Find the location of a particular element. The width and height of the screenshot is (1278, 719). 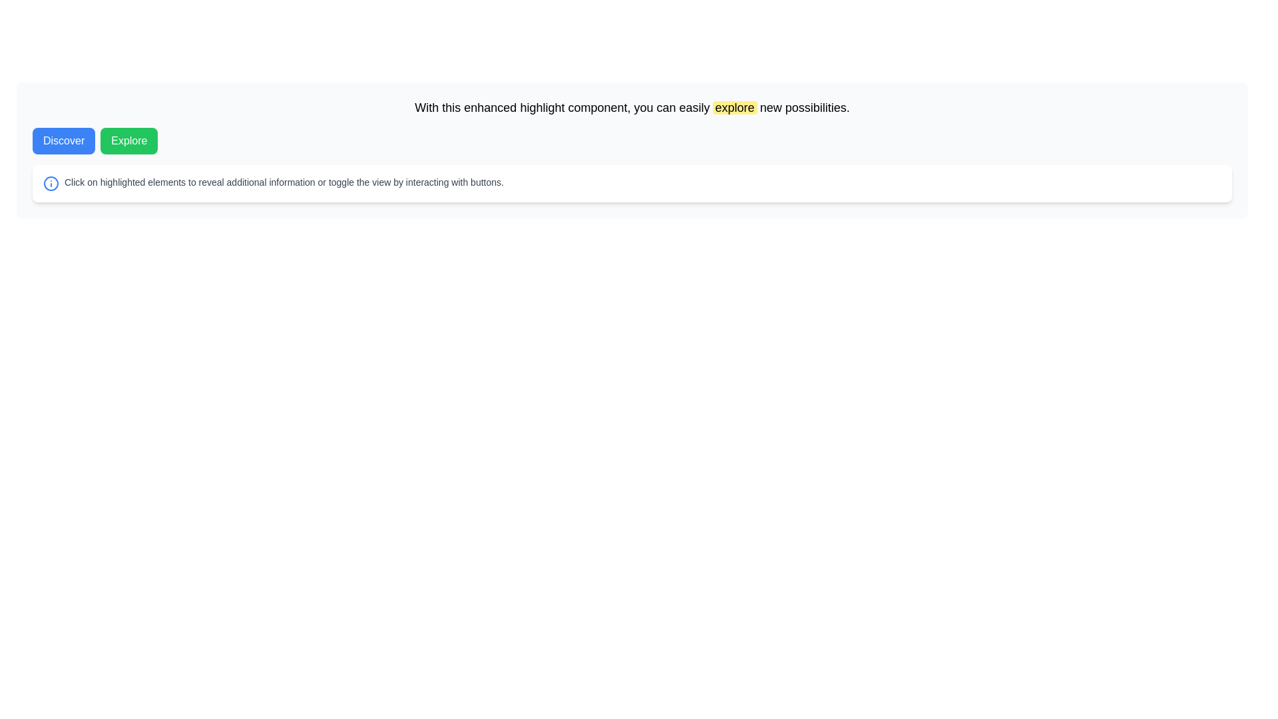

the highlighted text in the phrase 'you can easily explore new possibilities' to observe visual feedback is located at coordinates (734, 107).